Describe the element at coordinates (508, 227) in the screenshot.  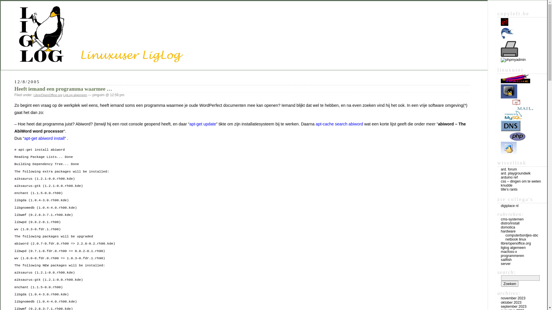
I see `'domotica'` at that location.